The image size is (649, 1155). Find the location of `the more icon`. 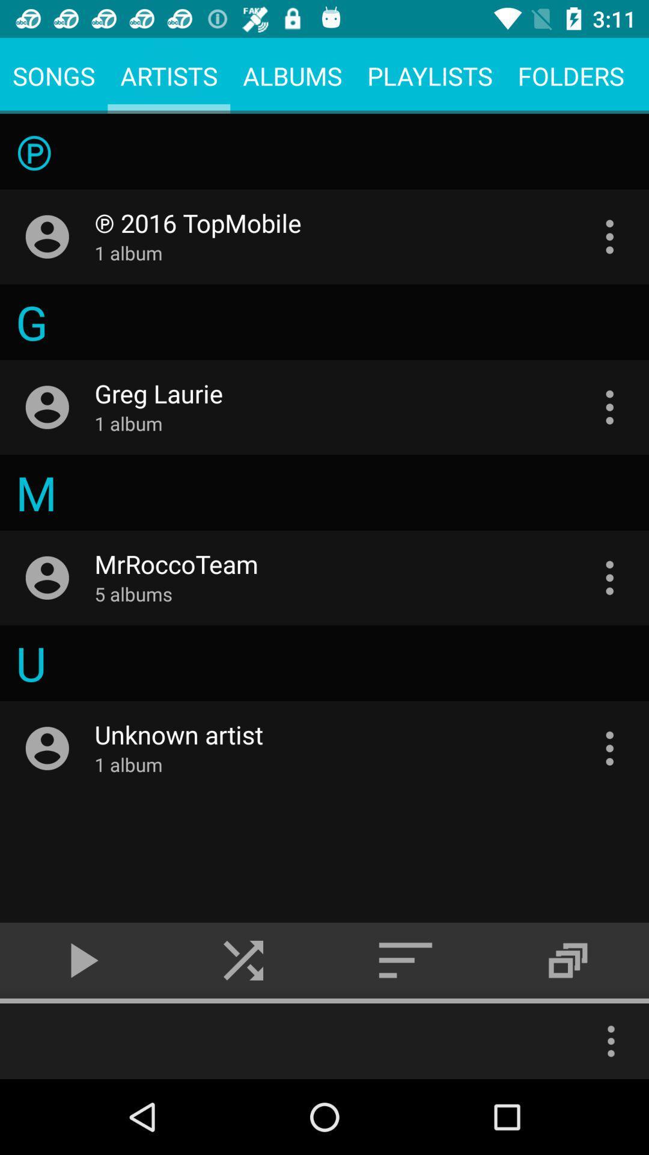

the more icon is located at coordinates (611, 1041).